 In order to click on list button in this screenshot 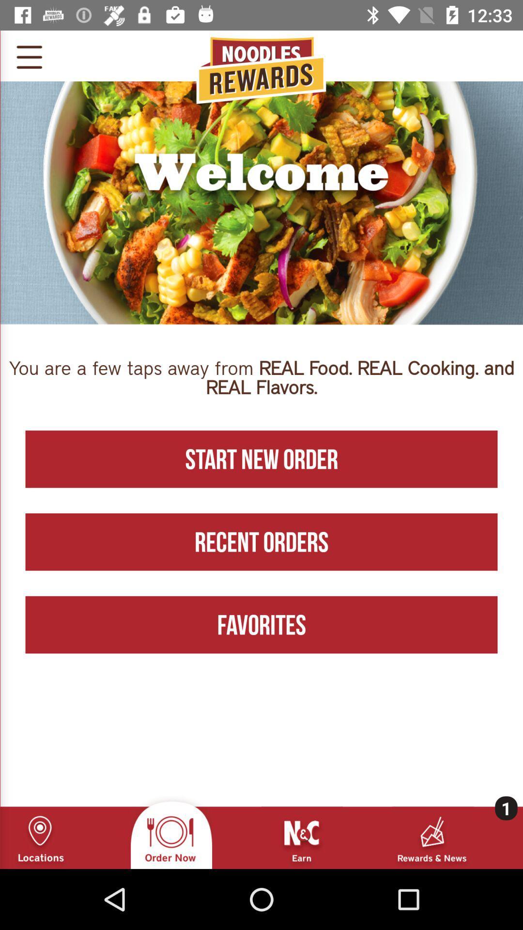, I will do `click(29, 55)`.